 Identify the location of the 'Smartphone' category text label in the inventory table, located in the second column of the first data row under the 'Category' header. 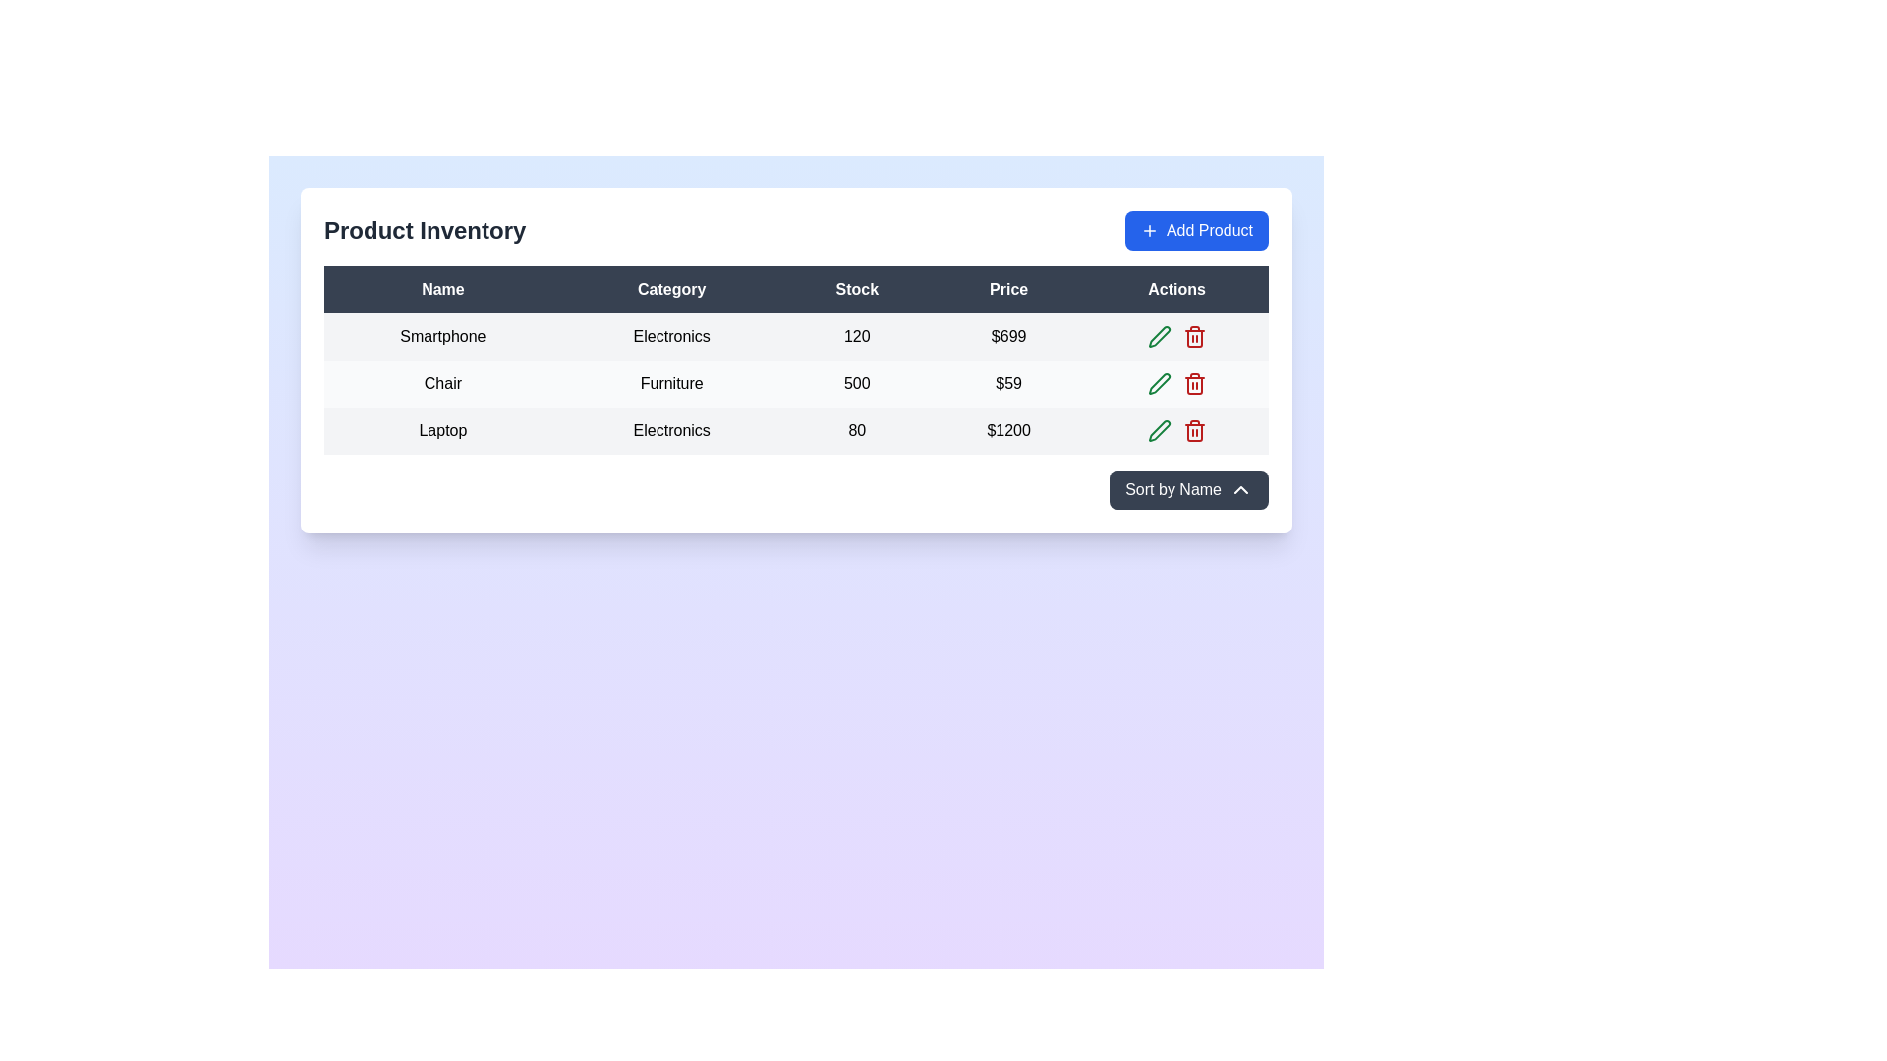
(671, 336).